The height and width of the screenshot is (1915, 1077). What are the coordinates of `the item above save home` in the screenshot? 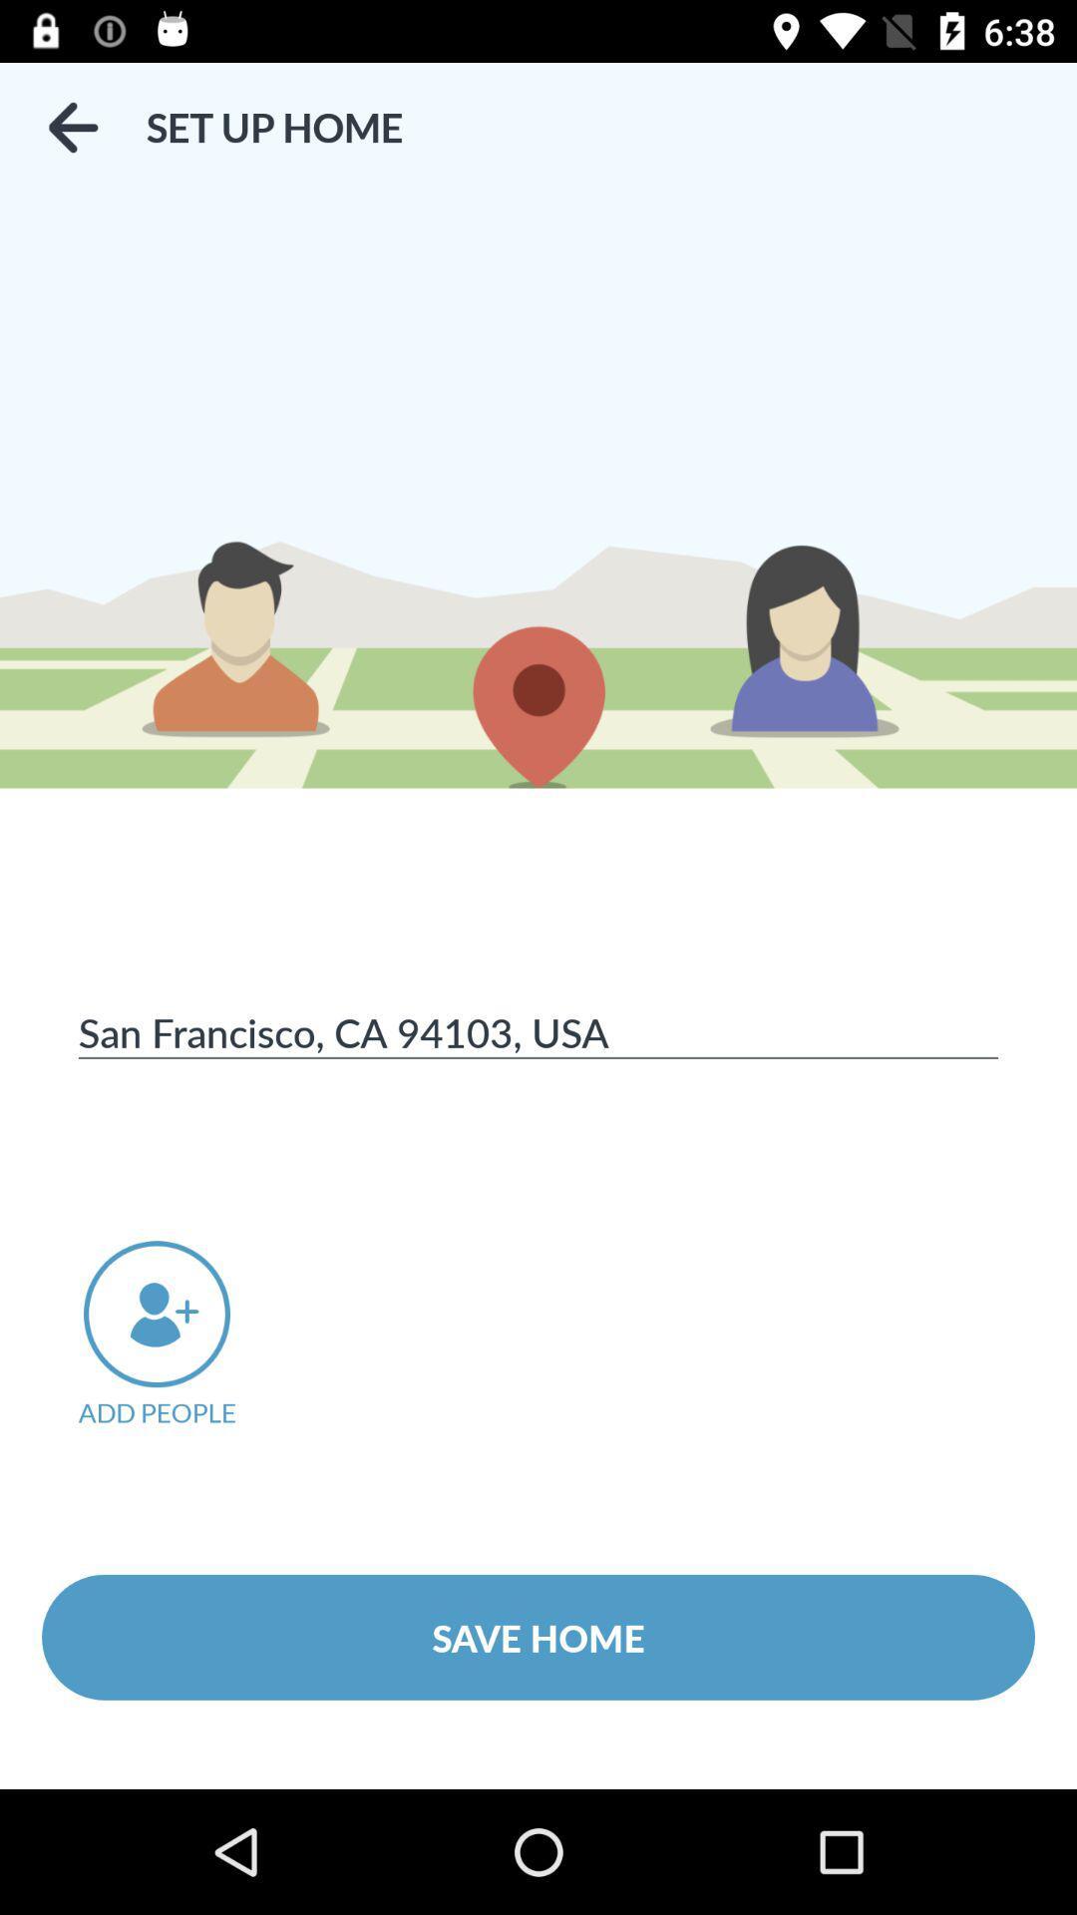 It's located at (184, 1335).